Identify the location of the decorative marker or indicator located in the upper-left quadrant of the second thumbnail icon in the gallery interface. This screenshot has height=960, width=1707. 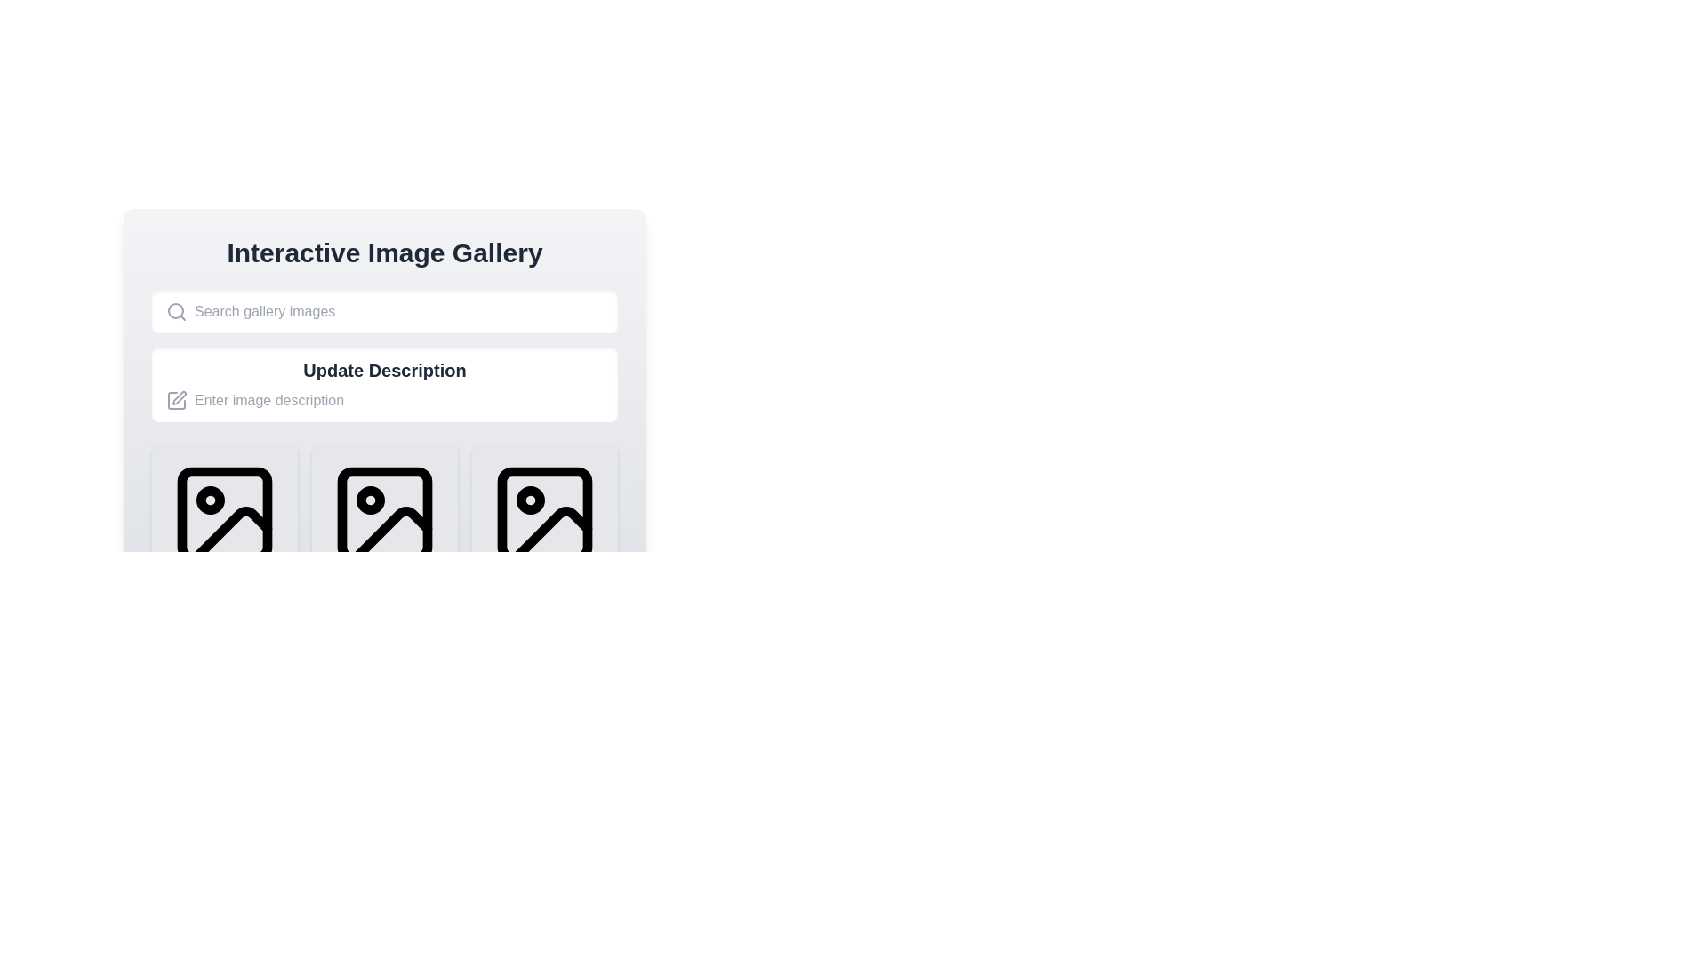
(370, 500).